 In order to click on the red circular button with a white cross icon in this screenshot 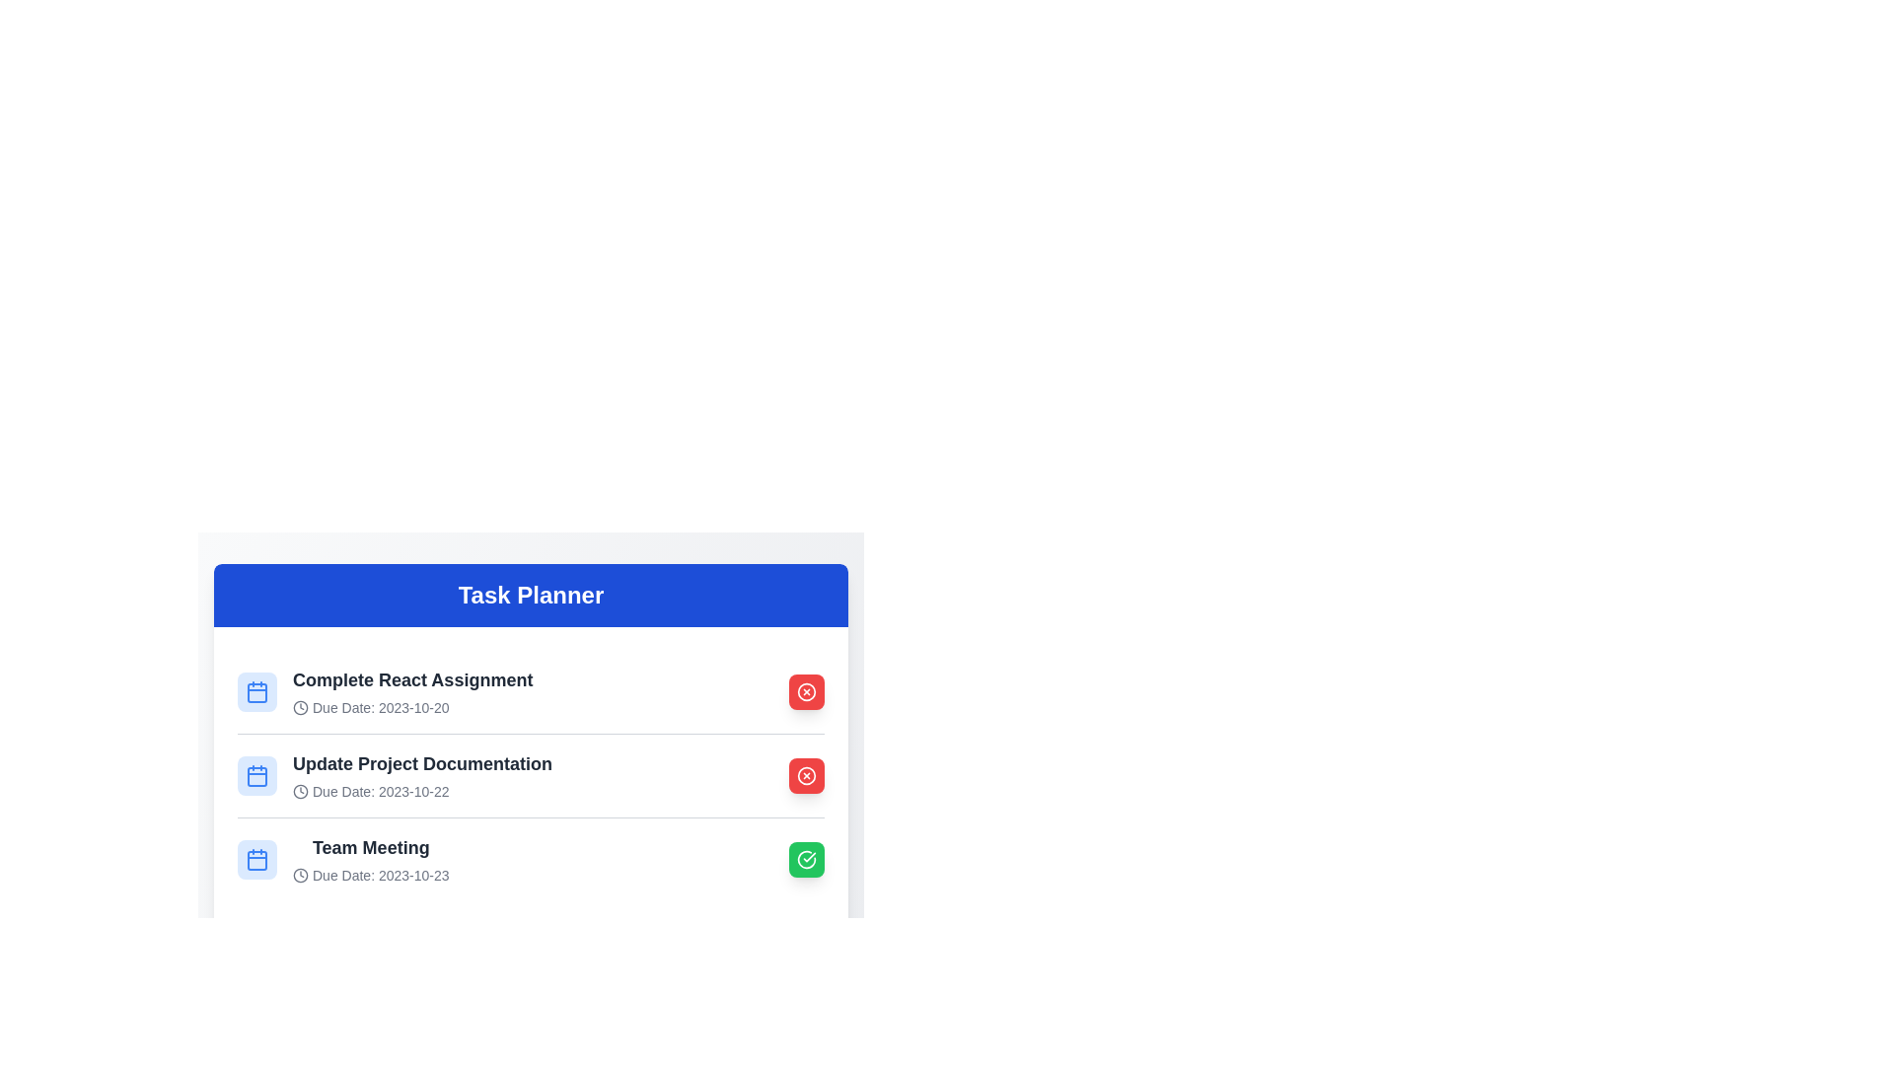, I will do `click(806, 774)`.